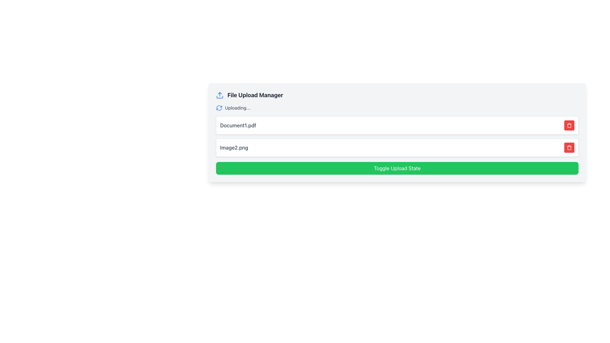 This screenshot has width=610, height=343. What do you see at coordinates (569, 148) in the screenshot?
I see `the delete button located to the right of the 'Image2.png' file name` at bounding box center [569, 148].